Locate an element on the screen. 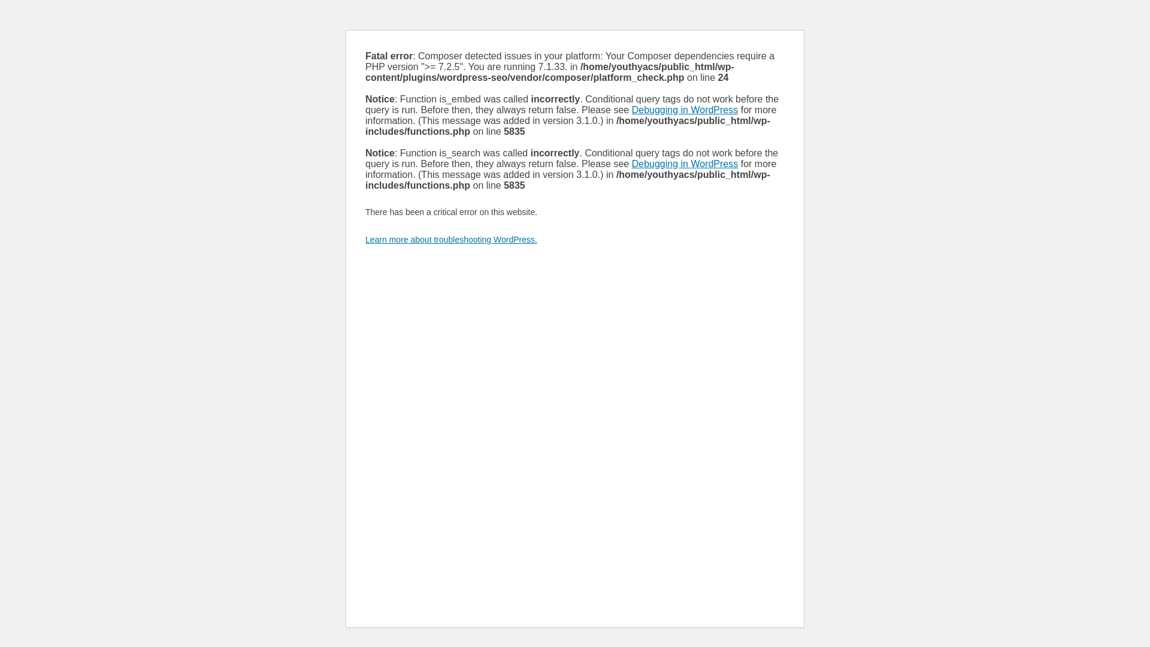  'Learn more about troubleshooting WordPress.' is located at coordinates (450, 240).